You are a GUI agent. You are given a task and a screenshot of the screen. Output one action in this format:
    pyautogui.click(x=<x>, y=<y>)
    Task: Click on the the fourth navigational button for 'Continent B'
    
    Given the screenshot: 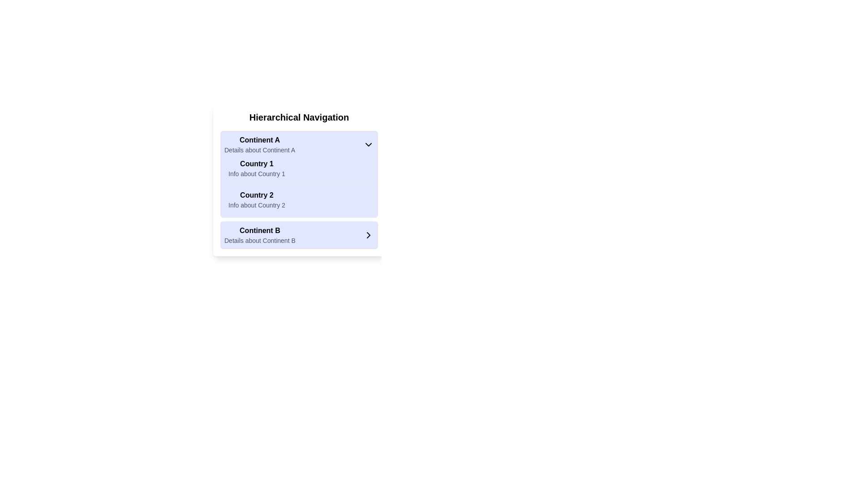 What is the action you would take?
    pyautogui.click(x=299, y=234)
    